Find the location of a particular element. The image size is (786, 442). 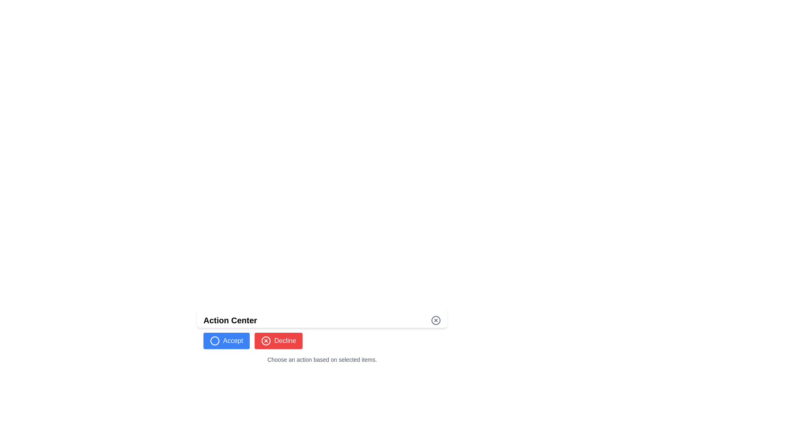

the circular icon with a white 'X' on a red background, which is part of the 'Decline' button, to indicate decline is located at coordinates (266, 341).